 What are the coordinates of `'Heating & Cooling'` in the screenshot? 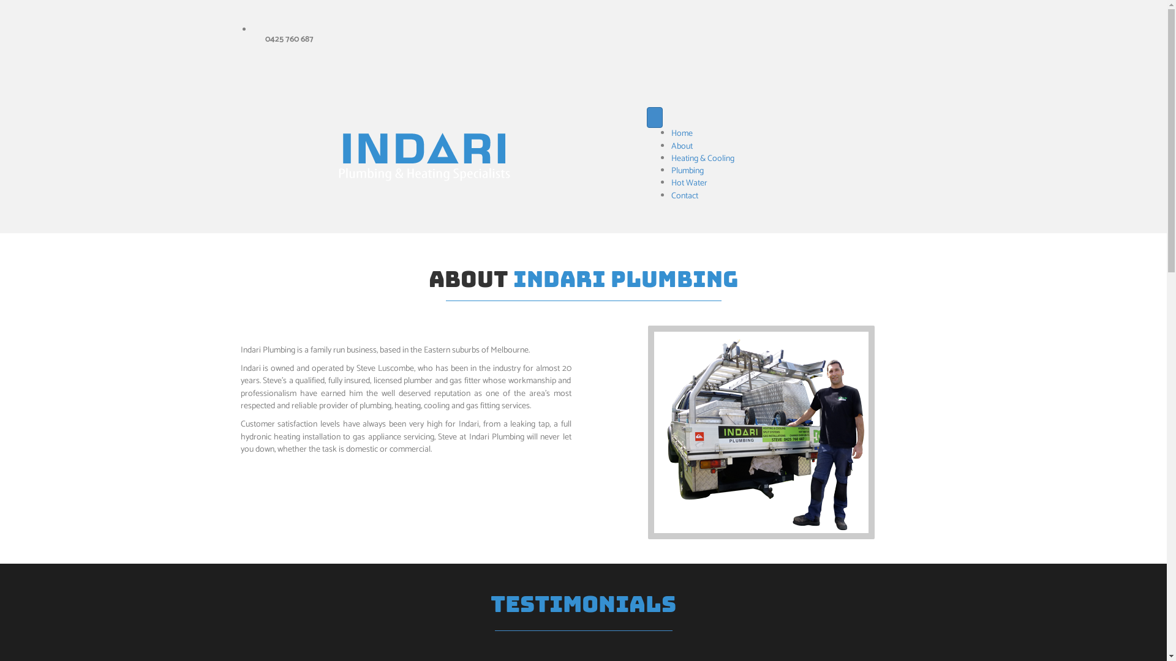 It's located at (670, 158).